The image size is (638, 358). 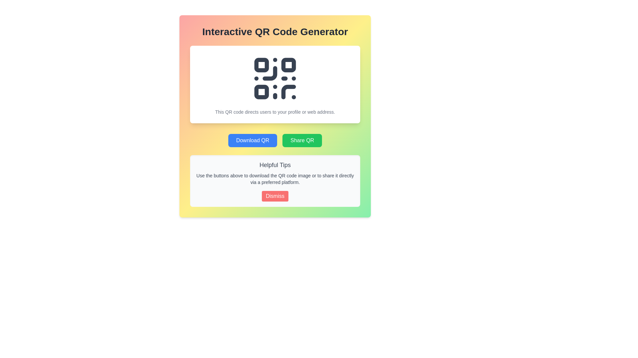 I want to click on the text header 'Helpful Tips' which is styled with a larger font size and bold text, positioned at the top of a light gray rounded rectangular section, so click(x=275, y=164).